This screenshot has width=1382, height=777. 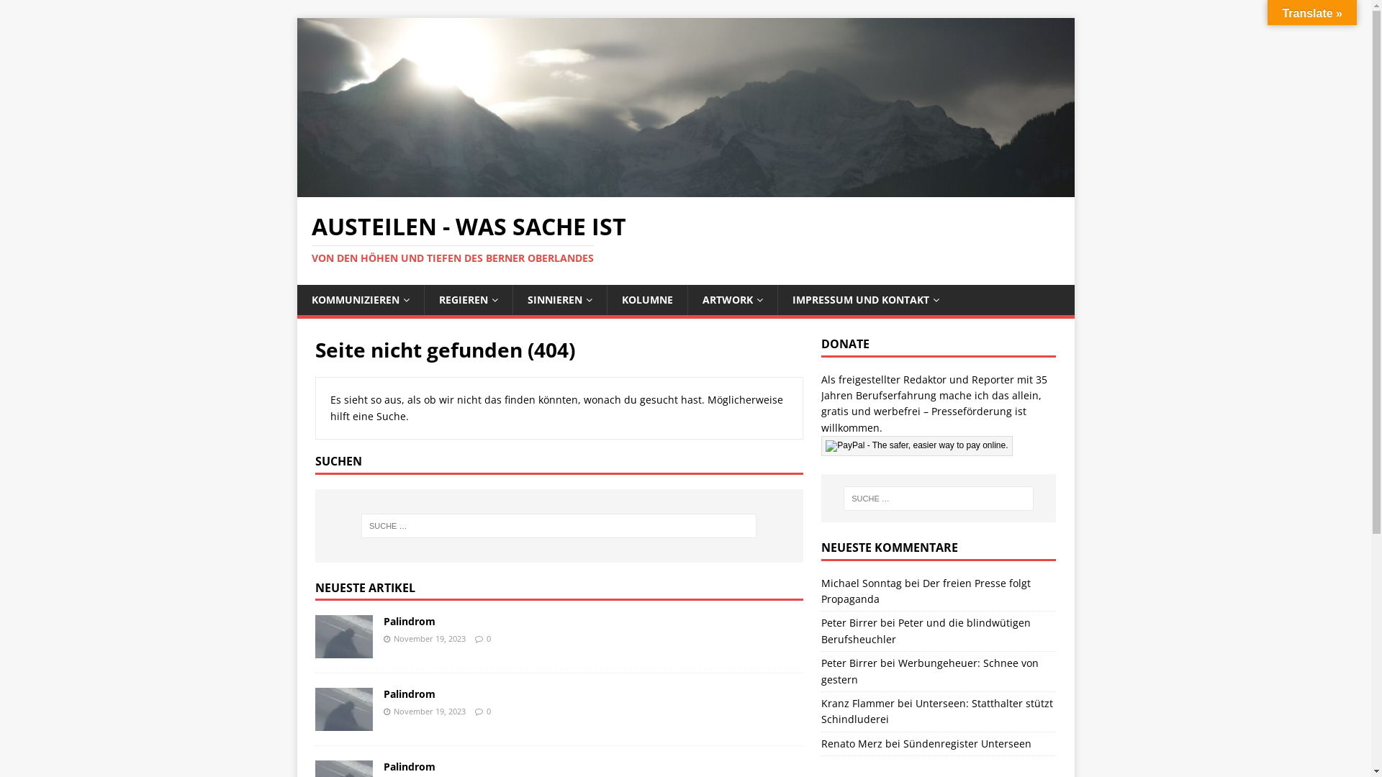 What do you see at coordinates (645, 299) in the screenshot?
I see `'KOLUMNE'` at bounding box center [645, 299].